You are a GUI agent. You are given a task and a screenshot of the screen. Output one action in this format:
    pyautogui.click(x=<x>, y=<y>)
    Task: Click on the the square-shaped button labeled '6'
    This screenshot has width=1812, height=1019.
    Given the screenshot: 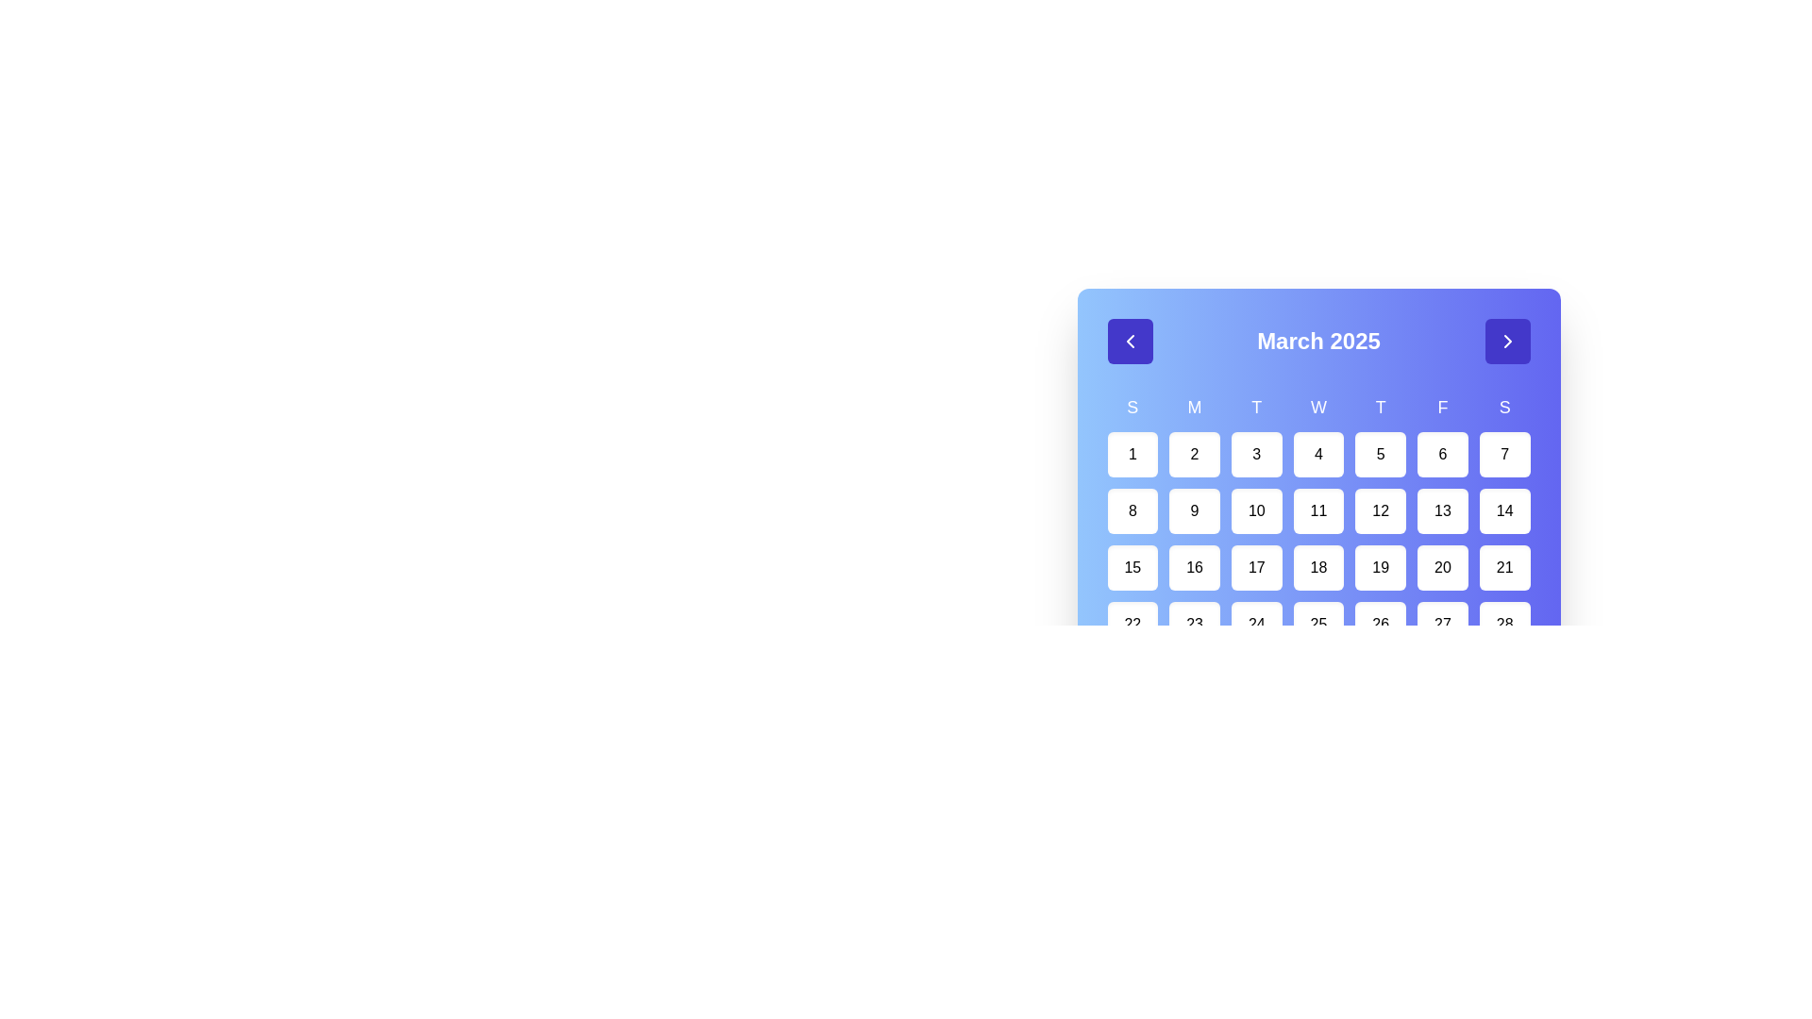 What is the action you would take?
    pyautogui.click(x=1441, y=455)
    